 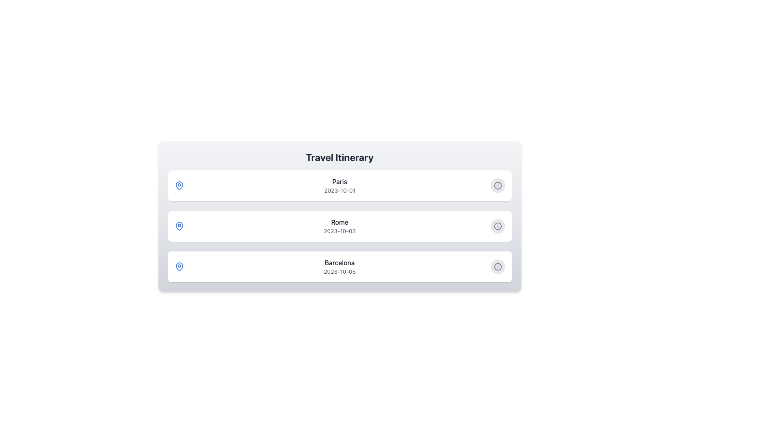 I want to click on the circular blue pin icon located at the far left of the row for 'Rome', so click(x=179, y=226).